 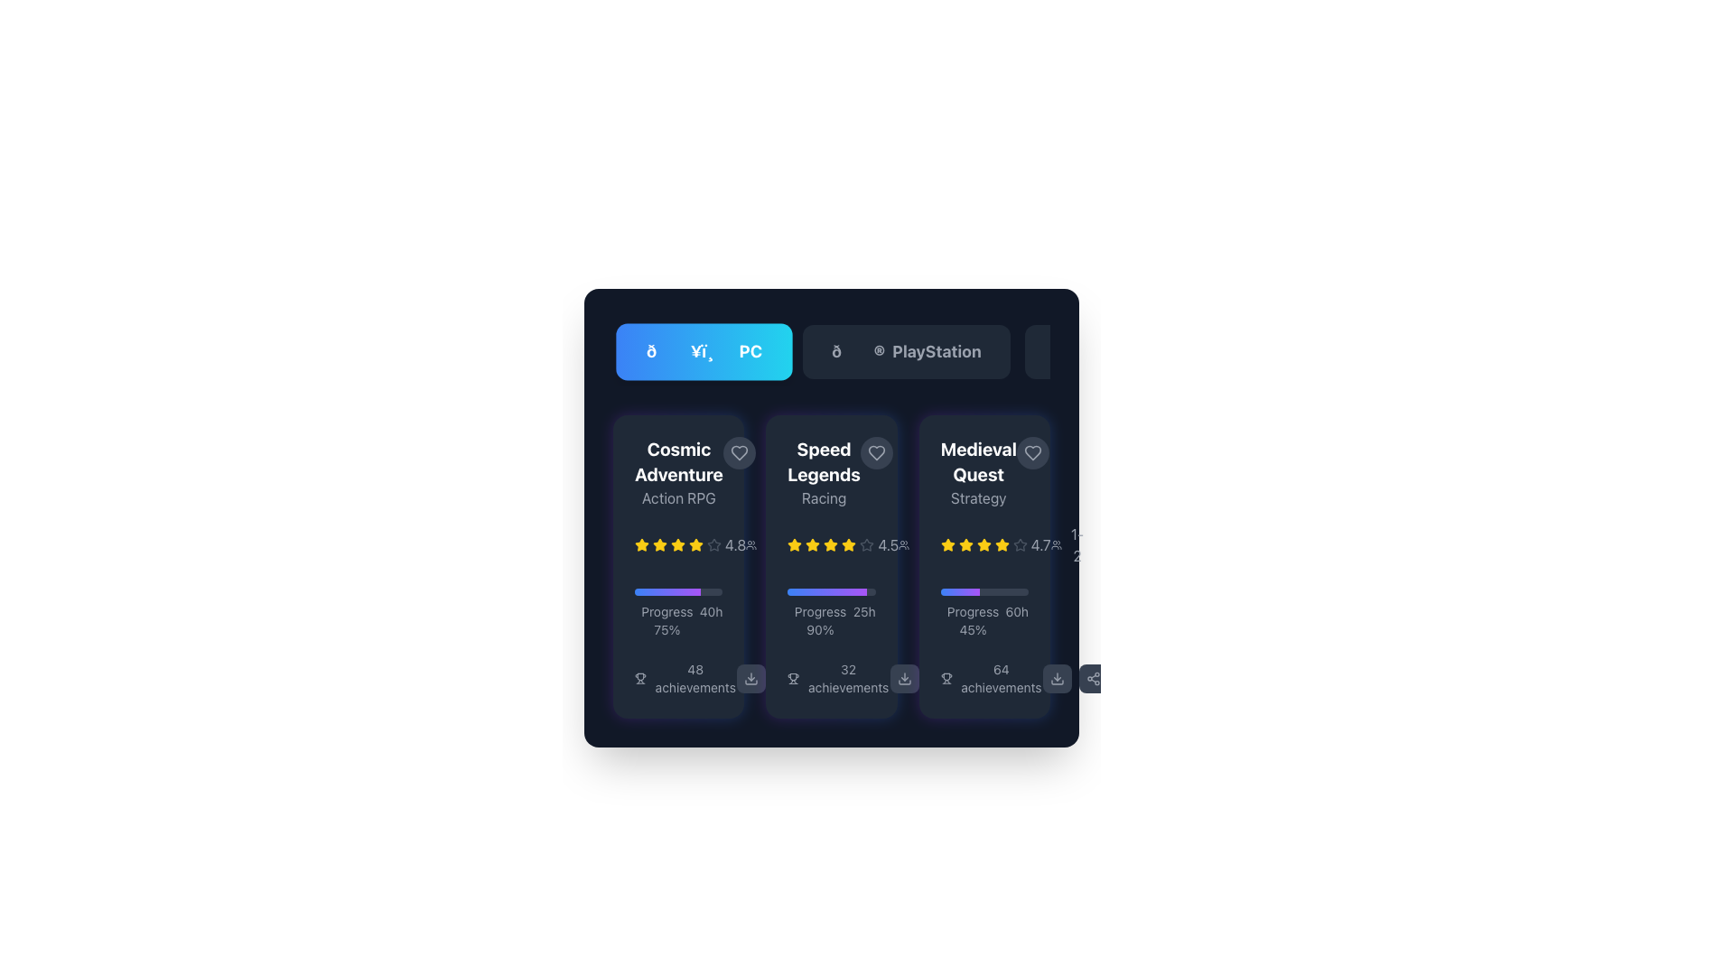 What do you see at coordinates (983, 543) in the screenshot?
I see `the fifth yellow star icon representing the rating of the game 'Medieval Quest', located in the middle-right section of the game's card` at bounding box center [983, 543].